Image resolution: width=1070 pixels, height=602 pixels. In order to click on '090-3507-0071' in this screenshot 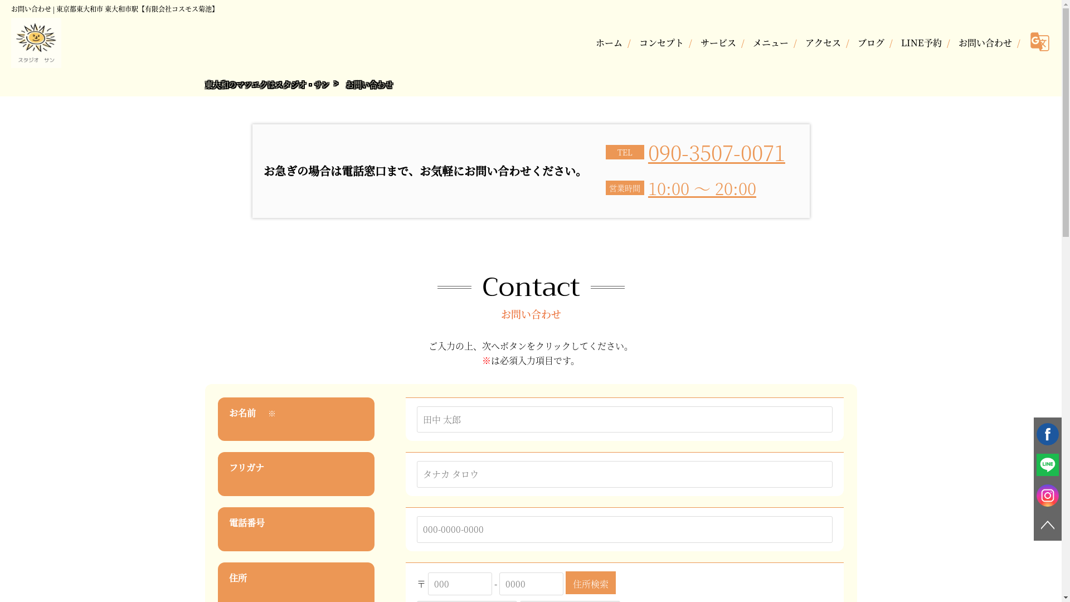, I will do `click(648, 152)`.